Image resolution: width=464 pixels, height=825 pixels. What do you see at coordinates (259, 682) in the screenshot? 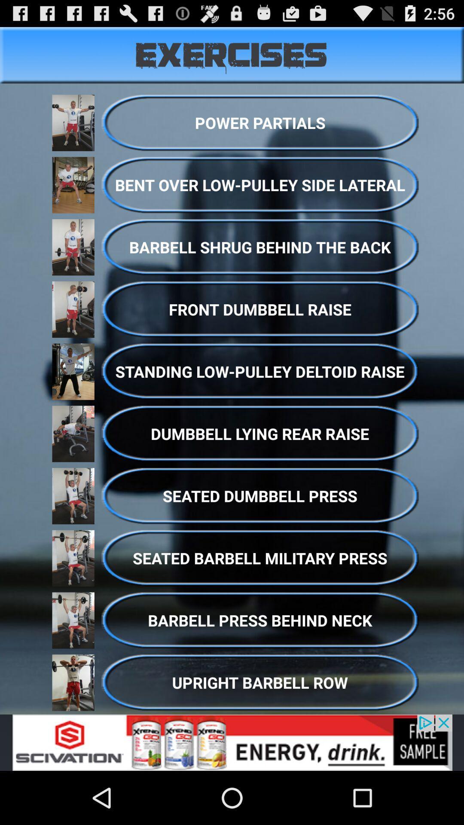
I see `the text in the bottom below barbell press behind neck` at bounding box center [259, 682].